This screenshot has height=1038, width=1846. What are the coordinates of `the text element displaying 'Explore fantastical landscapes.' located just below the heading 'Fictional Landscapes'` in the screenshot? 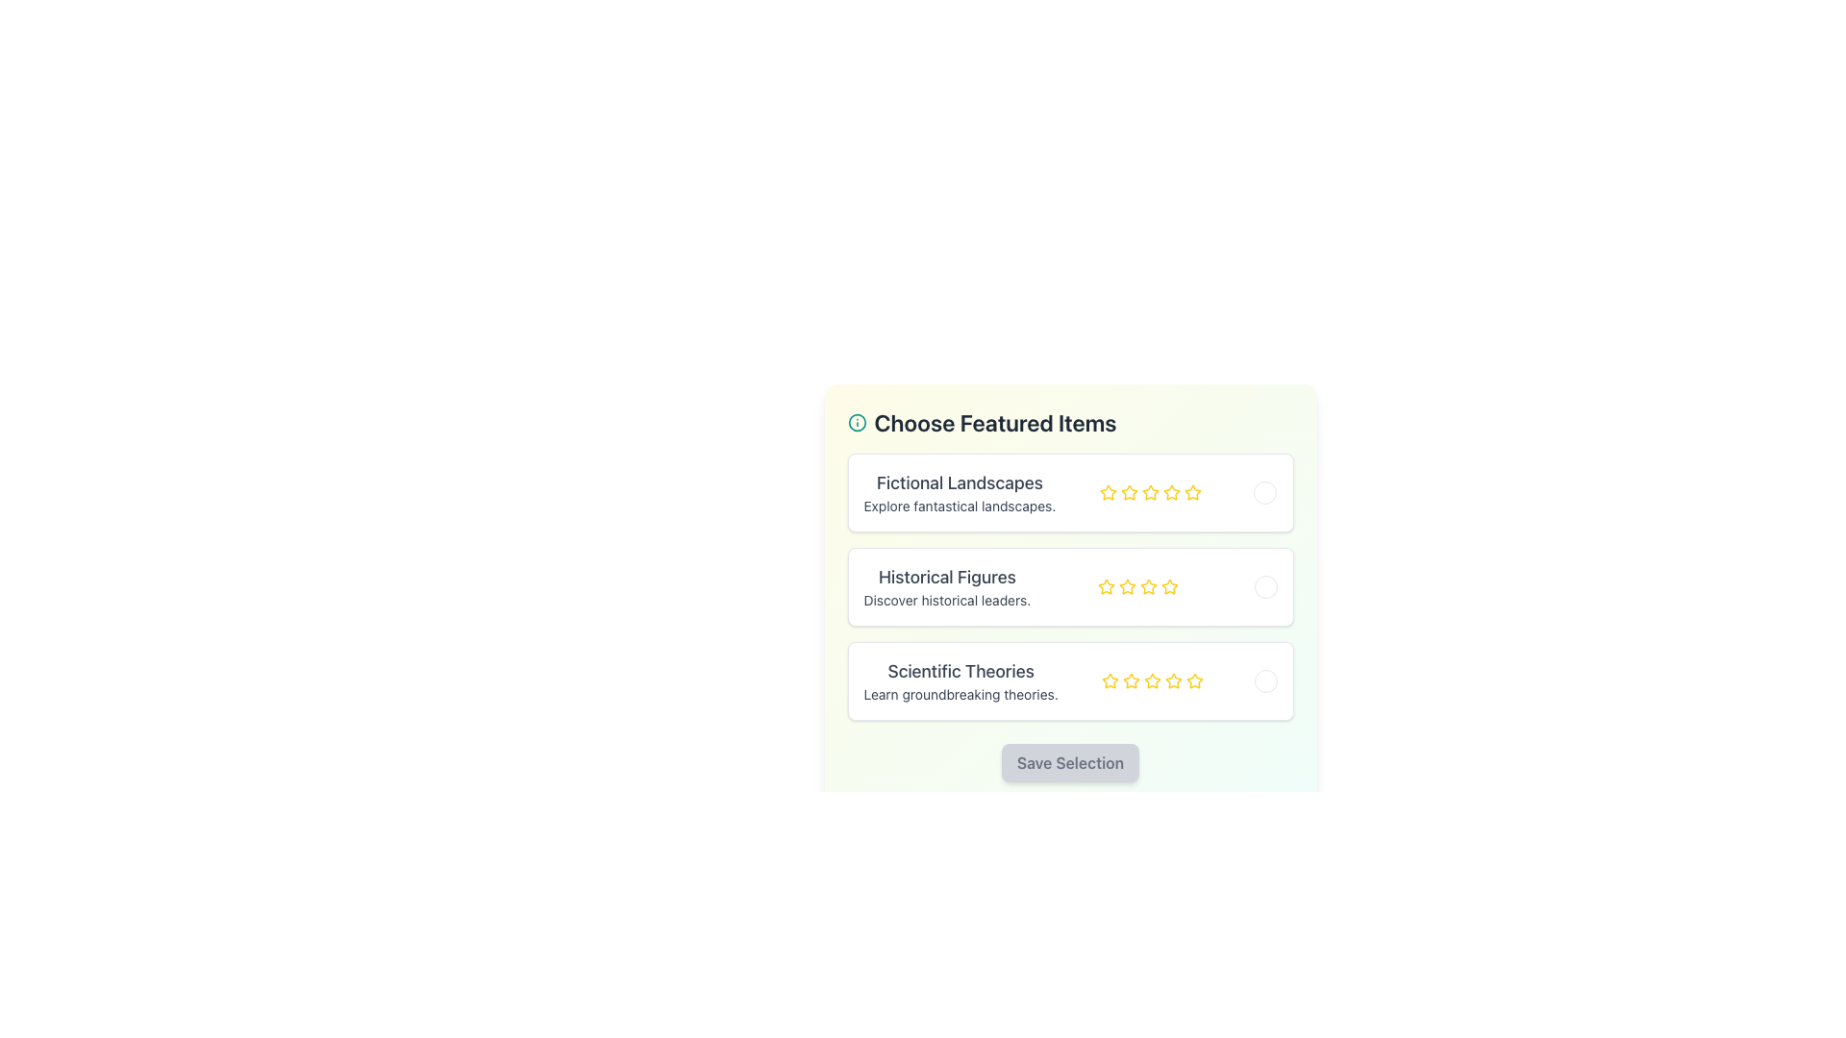 It's located at (960, 506).